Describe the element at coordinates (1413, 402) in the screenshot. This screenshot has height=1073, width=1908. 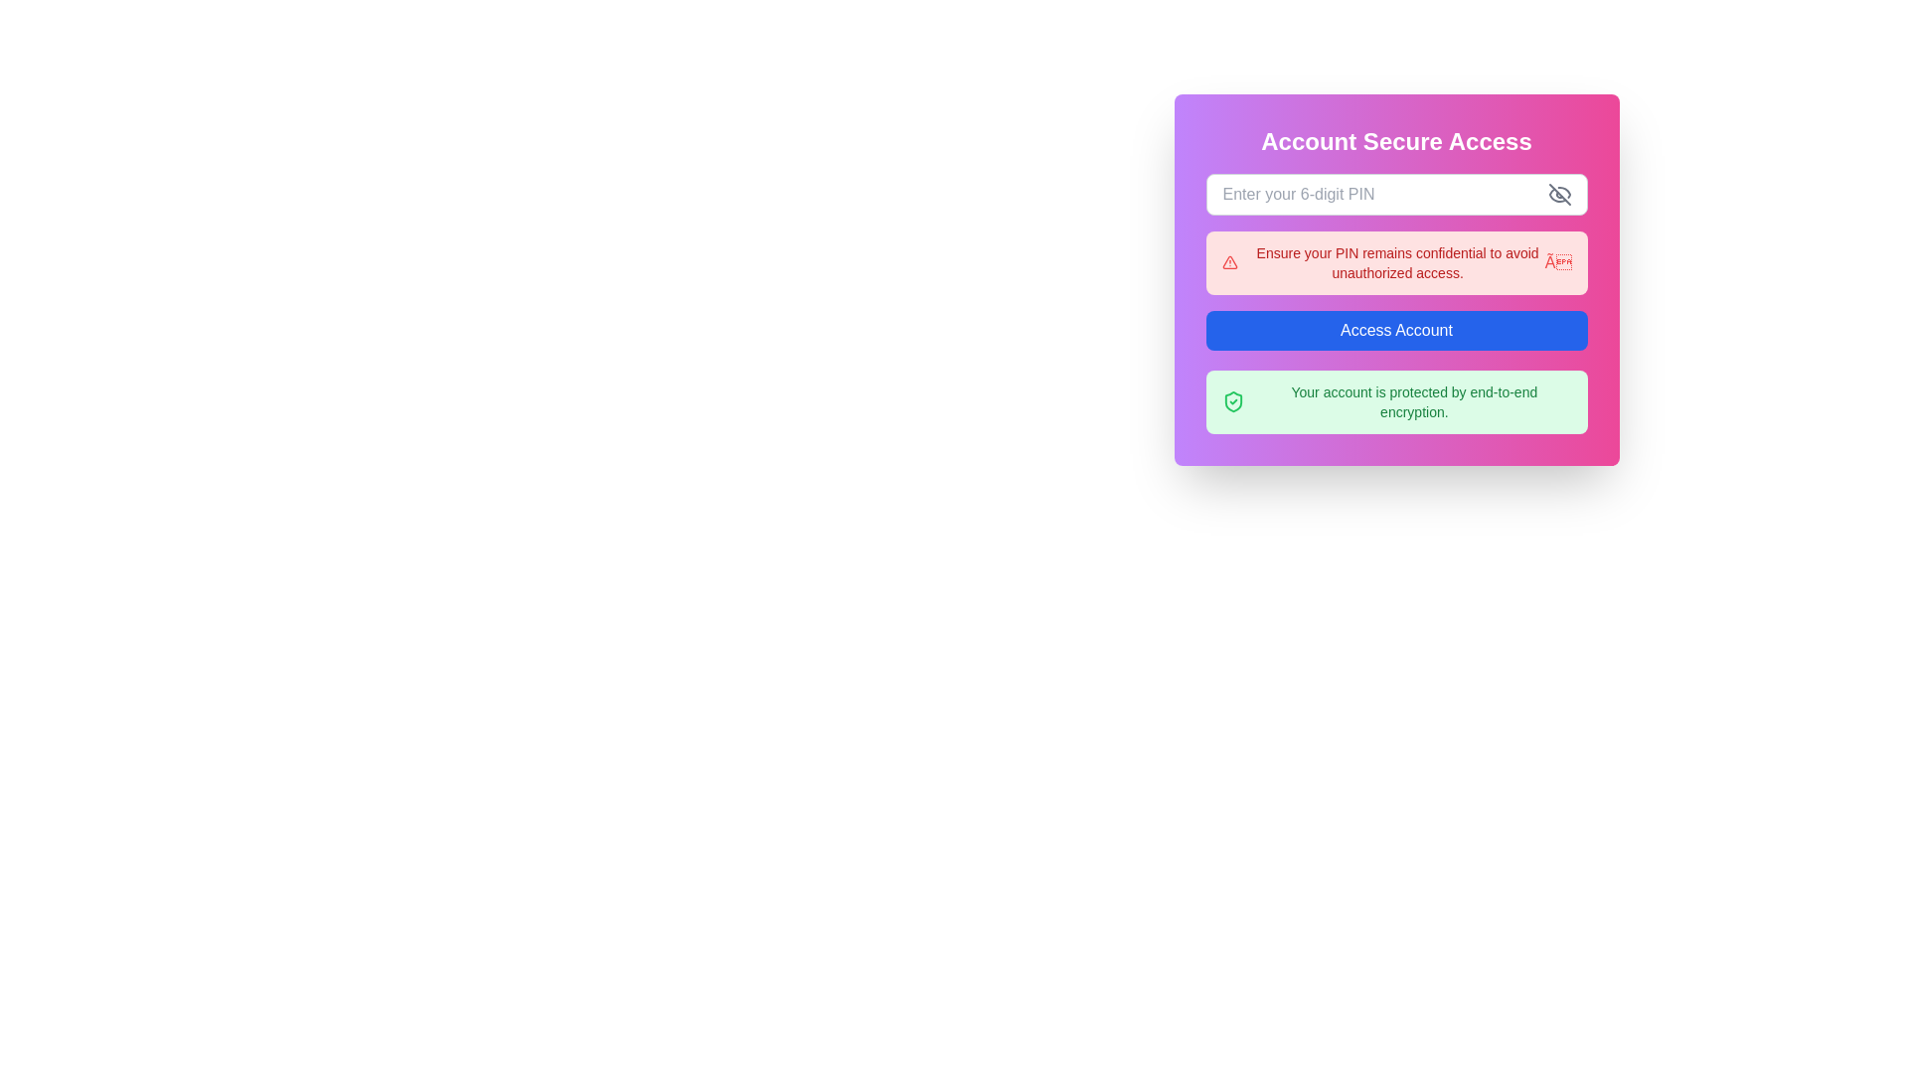
I see `the text label that states 'Your account is protected by end-to-end encryption.' which is located at the bottom of the card component, right below the 'Access Account' button` at that location.